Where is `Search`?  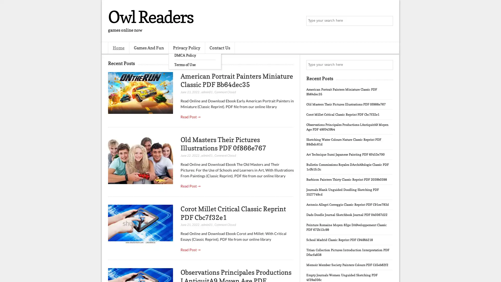
Search is located at coordinates (387, 21).